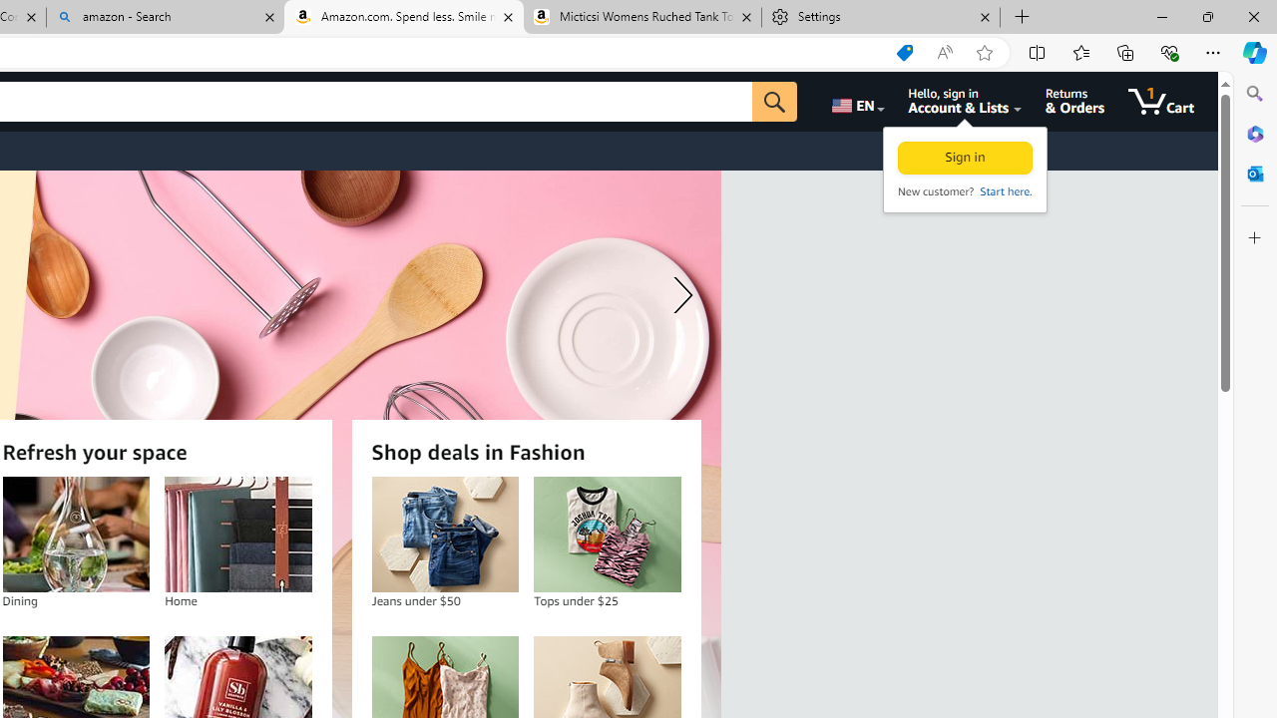  I want to click on 'Close tab', so click(985, 17).